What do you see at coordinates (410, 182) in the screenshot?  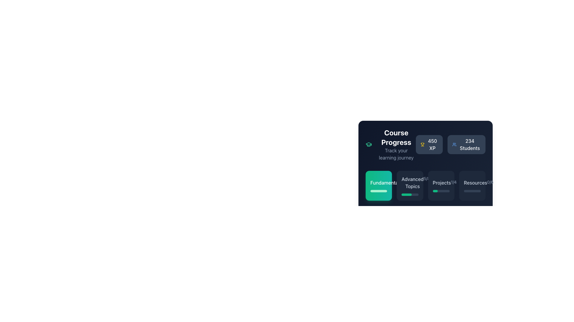 I see `the 'Advanced Topics' text label with progress indicator, which shows 5 out of 8 sections completed, located in the second card of the 'Course Progress' section` at bounding box center [410, 182].